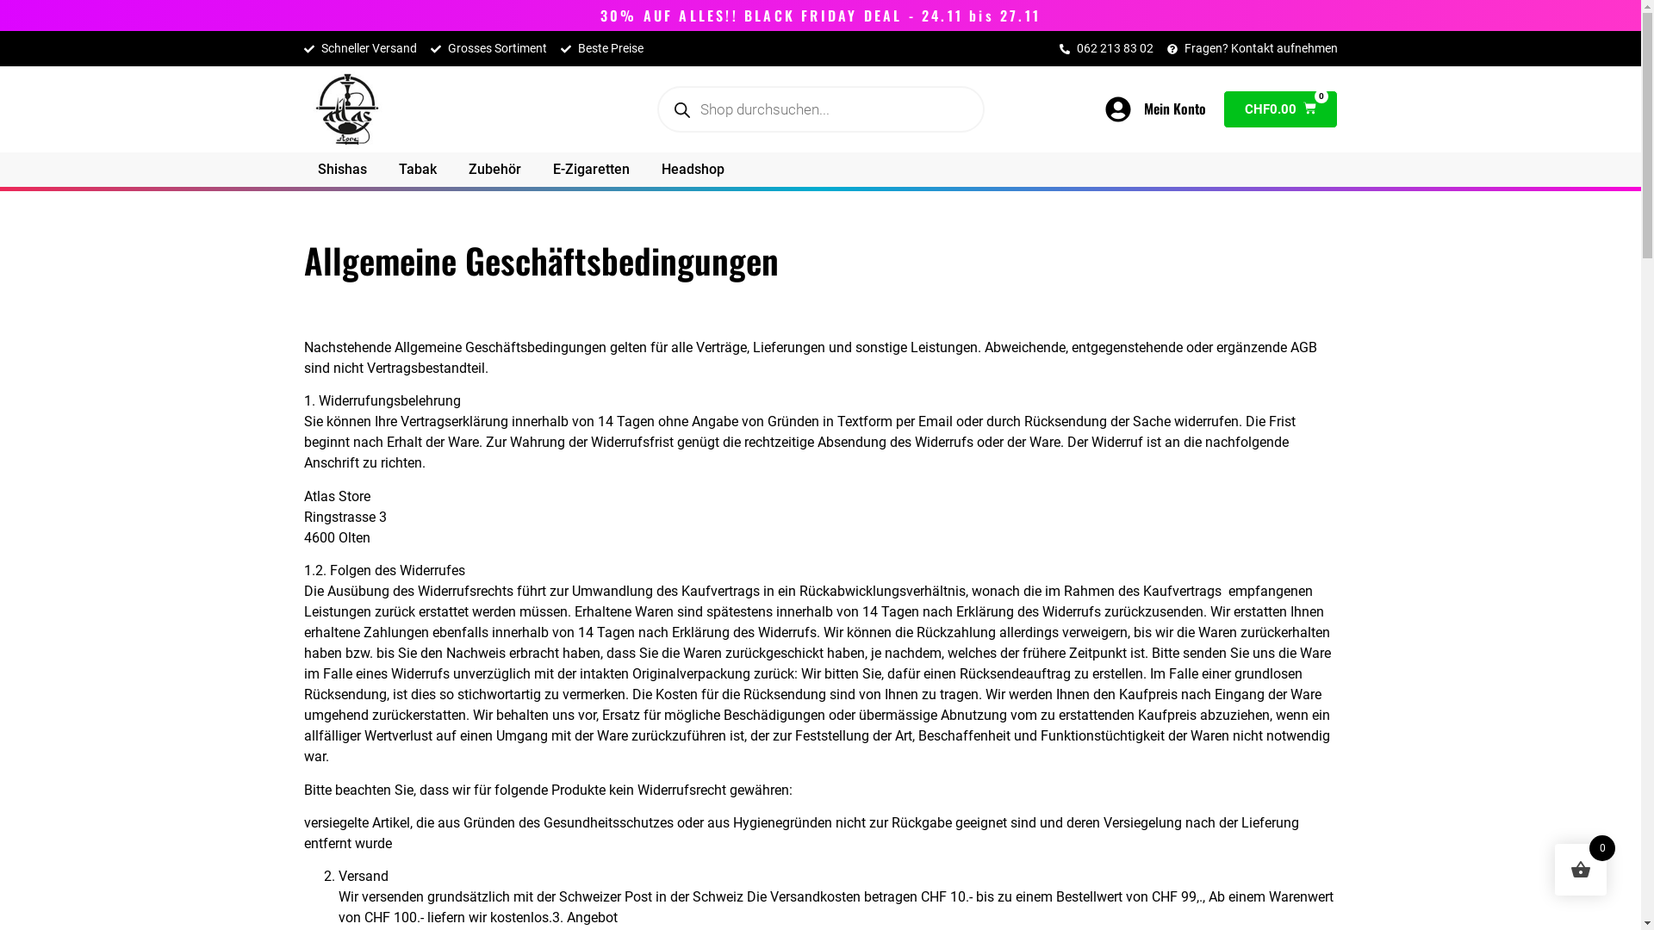  Describe the element at coordinates (1173, 108) in the screenshot. I see `'Mein Konto'` at that location.